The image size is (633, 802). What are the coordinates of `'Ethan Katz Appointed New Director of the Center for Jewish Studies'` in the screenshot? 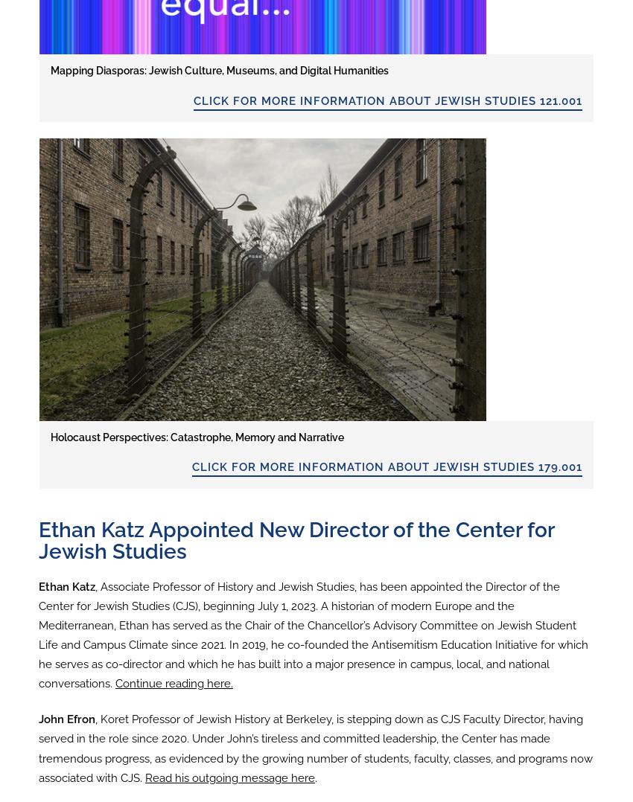 It's located at (296, 539).